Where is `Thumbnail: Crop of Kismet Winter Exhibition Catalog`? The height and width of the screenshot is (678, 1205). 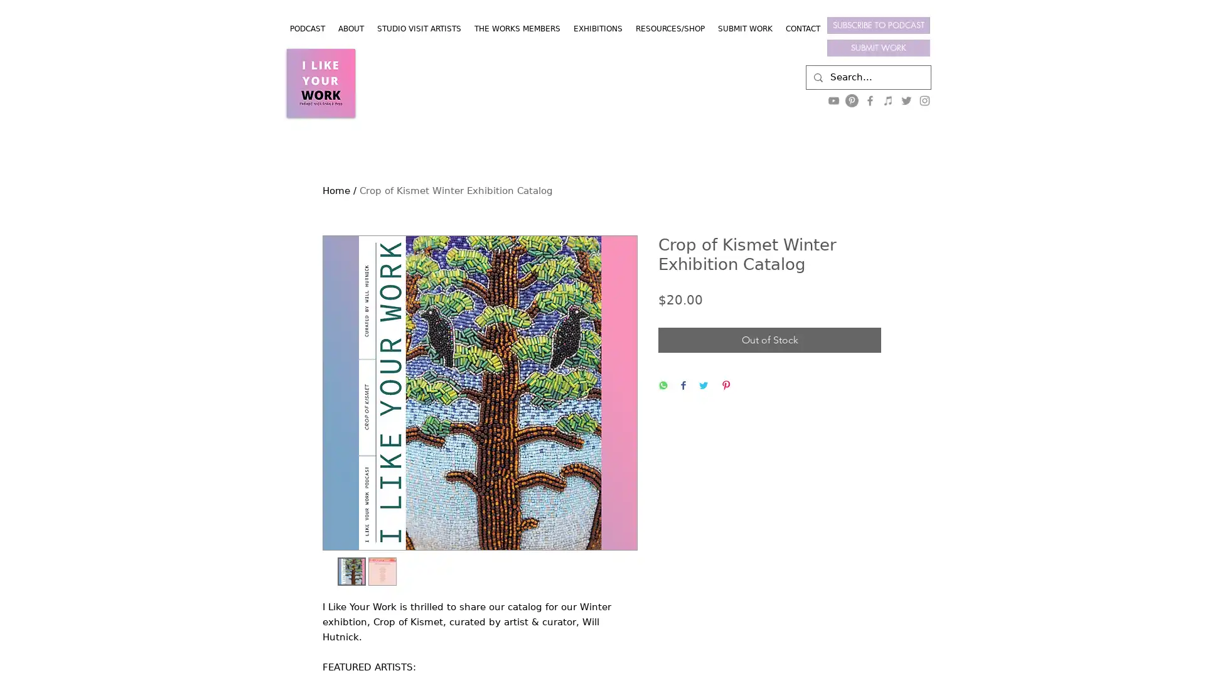 Thumbnail: Crop of Kismet Winter Exhibition Catalog is located at coordinates (351, 571).